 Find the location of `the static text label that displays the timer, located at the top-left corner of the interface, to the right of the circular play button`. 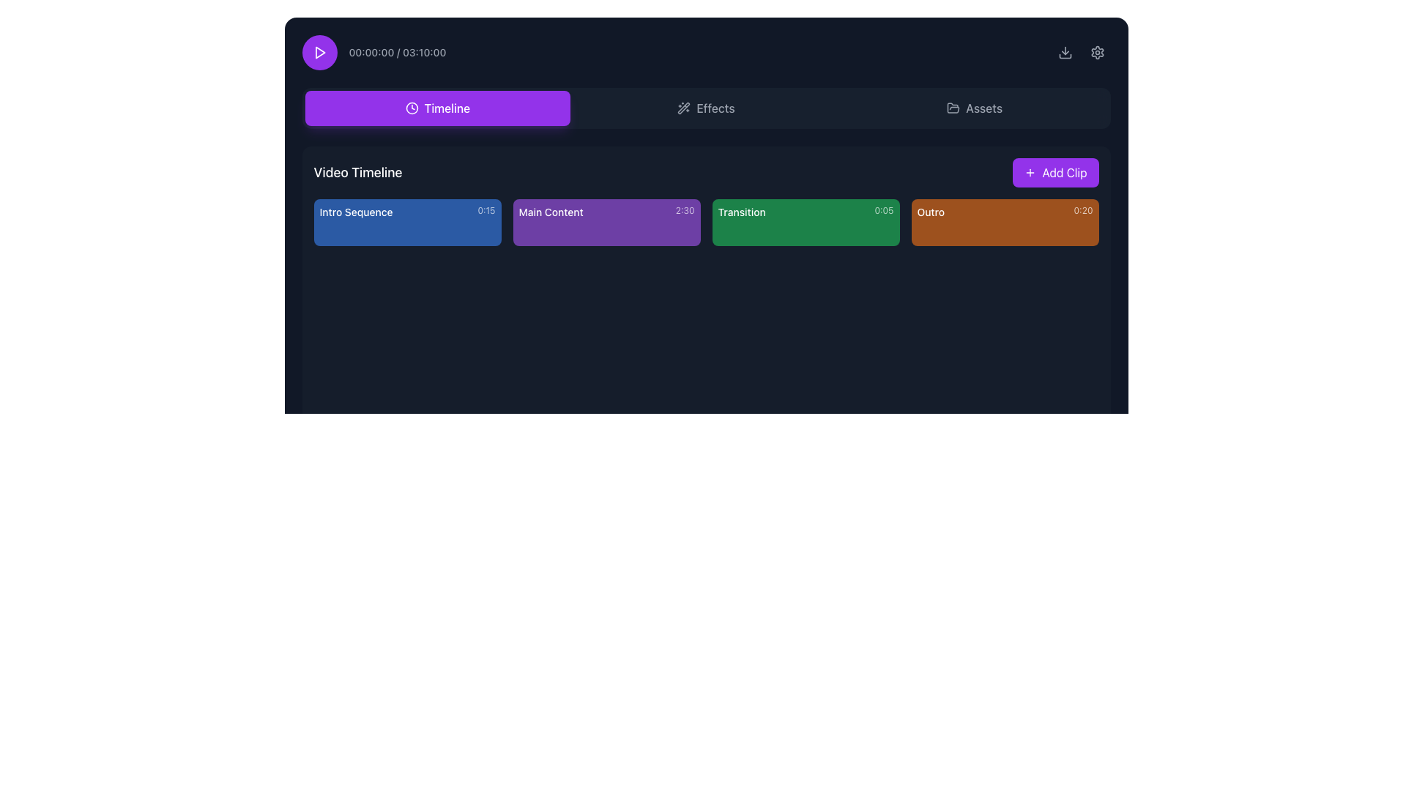

the static text label that displays the timer, located at the top-left corner of the interface, to the right of the circular play button is located at coordinates (397, 52).